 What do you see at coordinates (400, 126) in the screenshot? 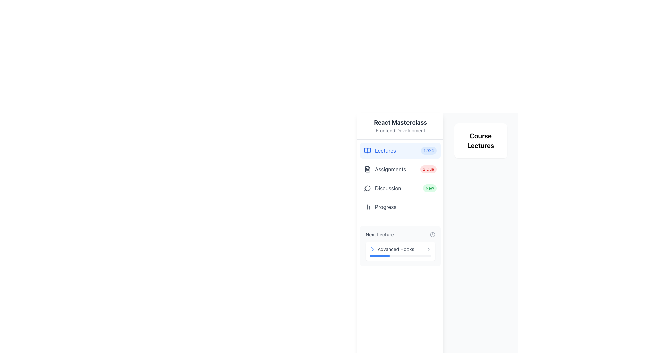
I see `the 'React Masterclass' text header which is styled with a bold first line and a smaller second line, located at the top of the sidebar section` at bounding box center [400, 126].